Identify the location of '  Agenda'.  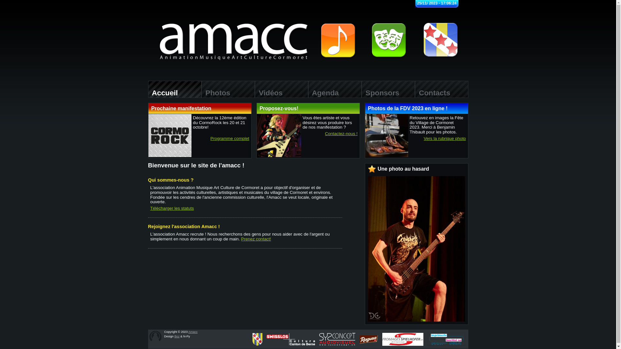
(334, 89).